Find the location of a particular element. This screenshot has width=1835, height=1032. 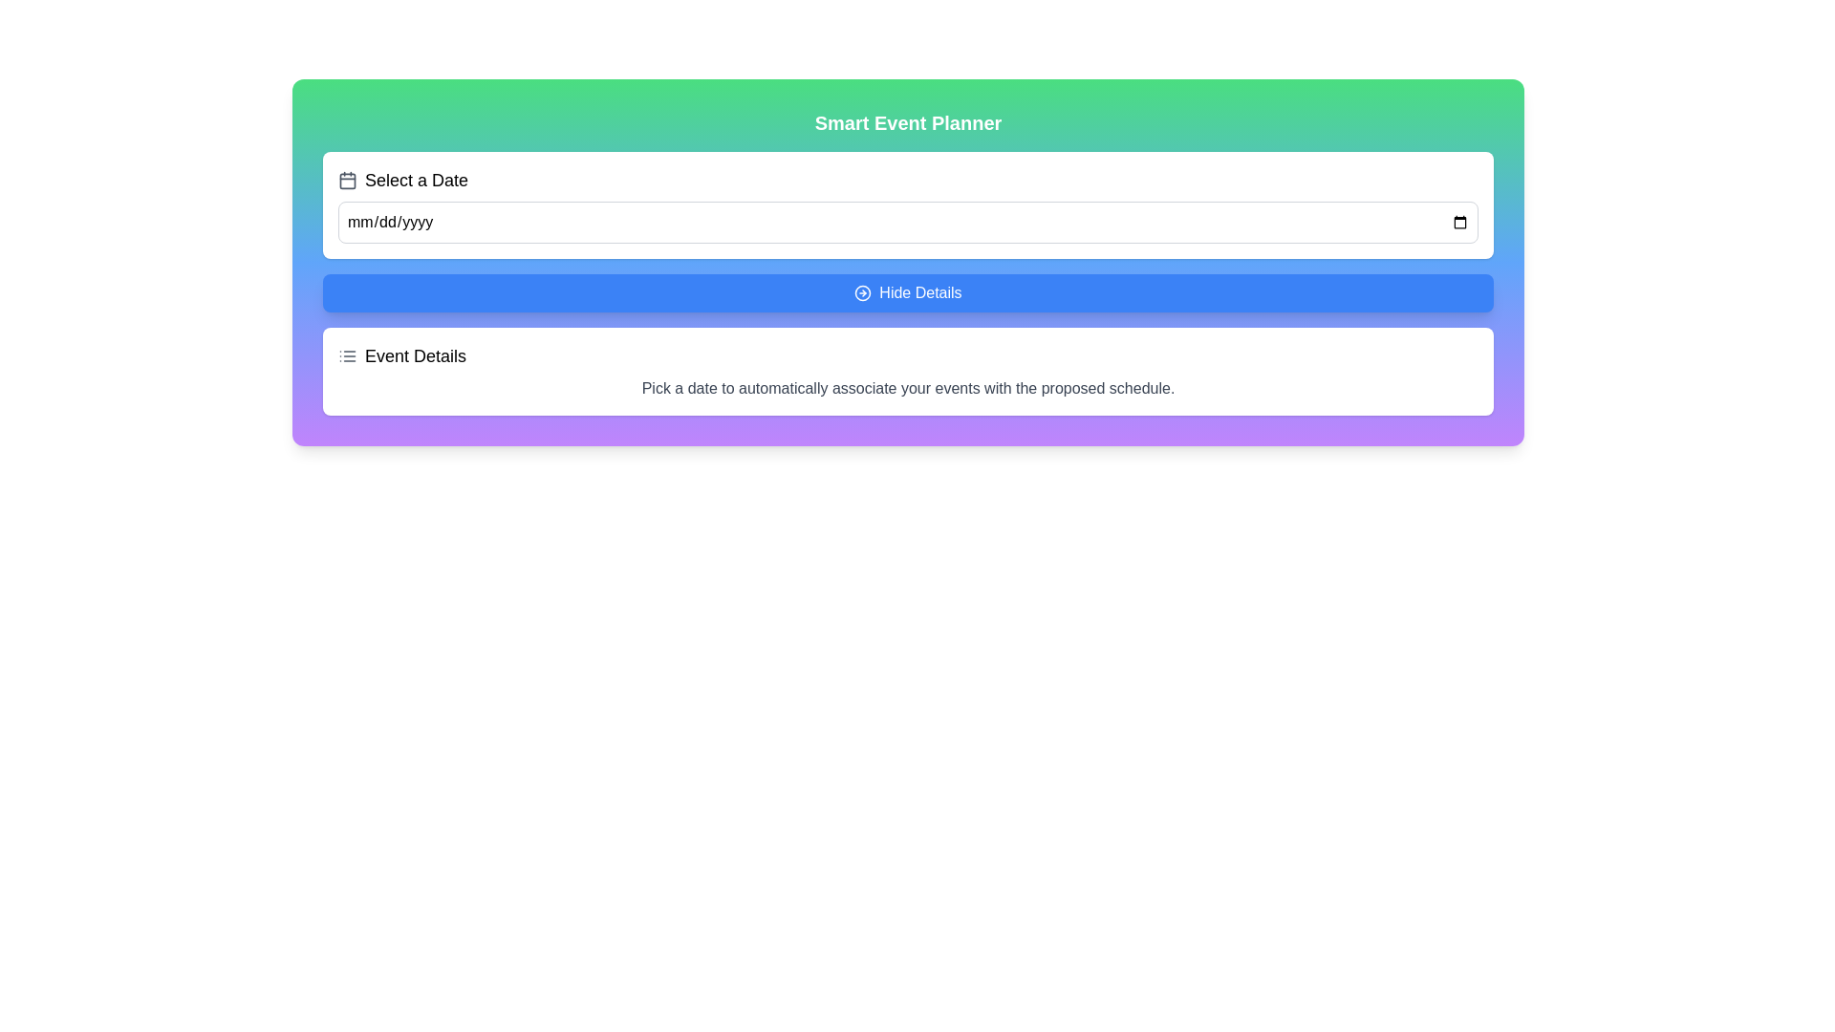

the decorative part of the calendar icon located near the left edge of the 'Select a Date' field is located at coordinates (348, 181).